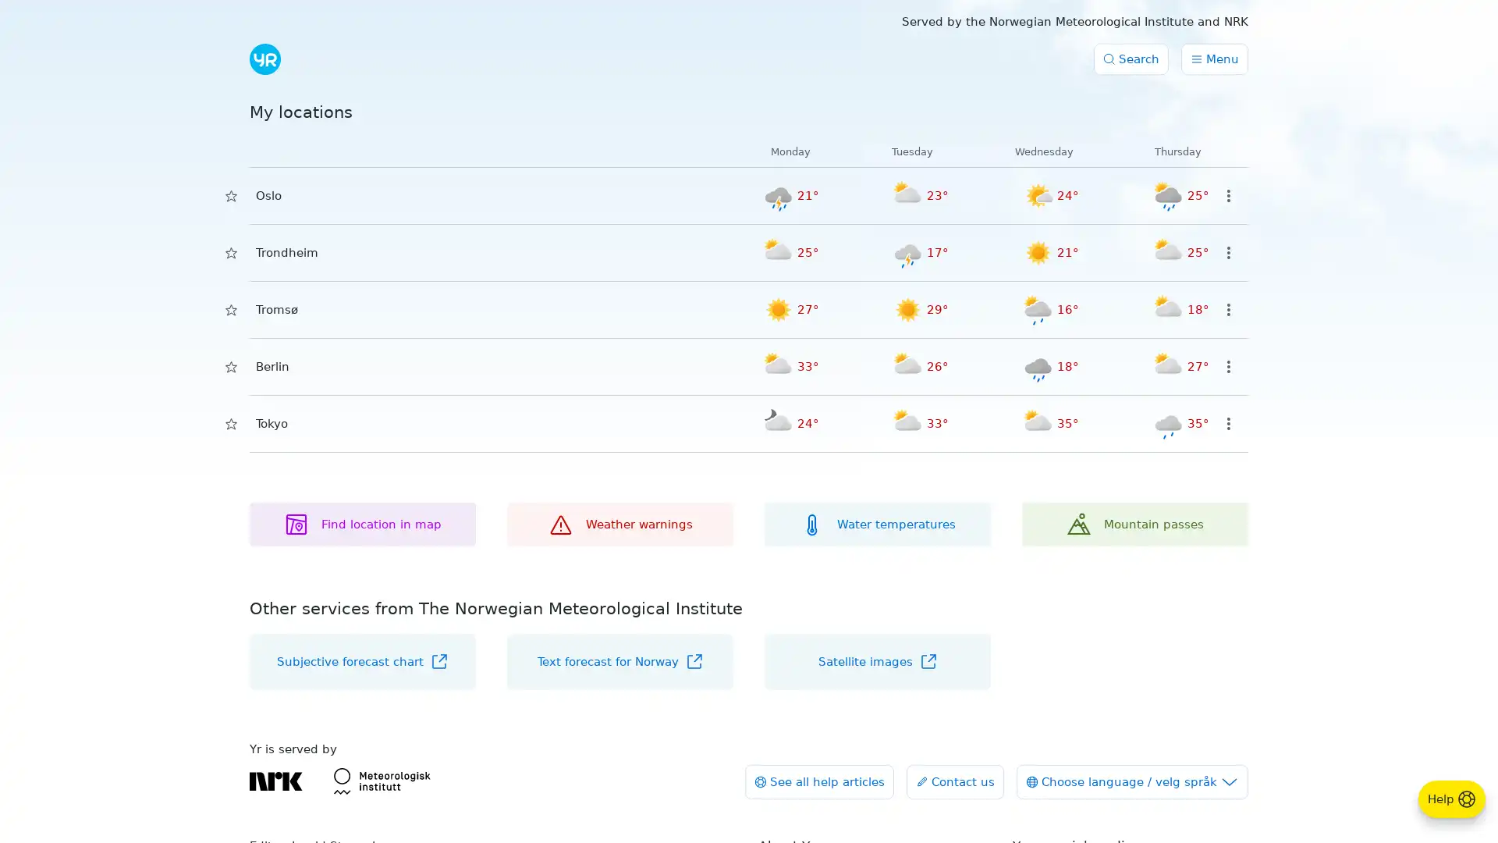 The width and height of the screenshot is (1498, 843). I want to click on Add to "My locations", so click(230, 424).